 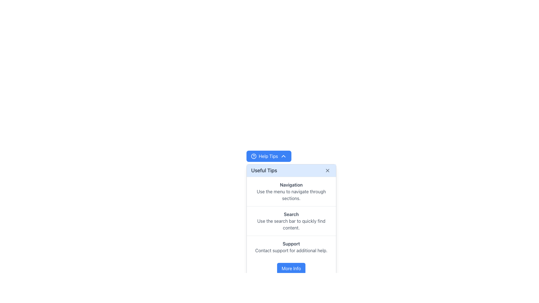 What do you see at coordinates (291, 214) in the screenshot?
I see `the Text Label that serves as a title for the information below it, located above the text 'Use the search bar to quickly find content.' in the 'Useful Tips' section` at bounding box center [291, 214].